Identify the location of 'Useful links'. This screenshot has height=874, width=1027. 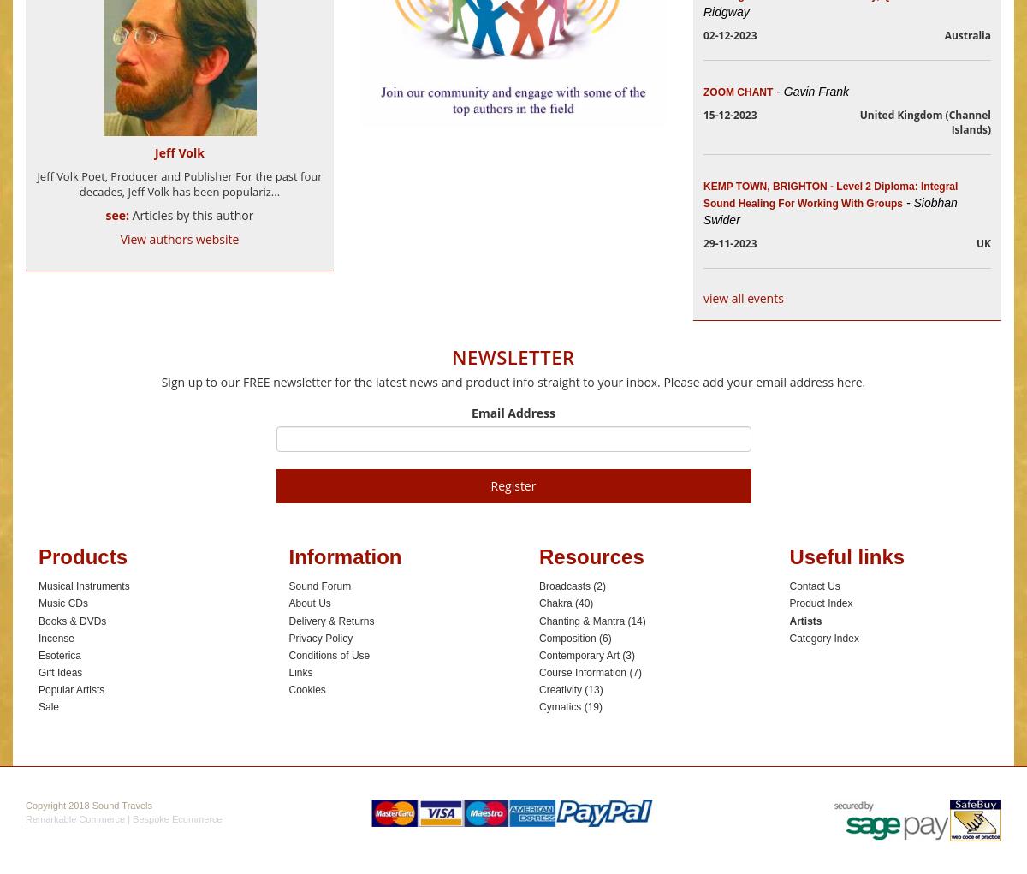
(846, 555).